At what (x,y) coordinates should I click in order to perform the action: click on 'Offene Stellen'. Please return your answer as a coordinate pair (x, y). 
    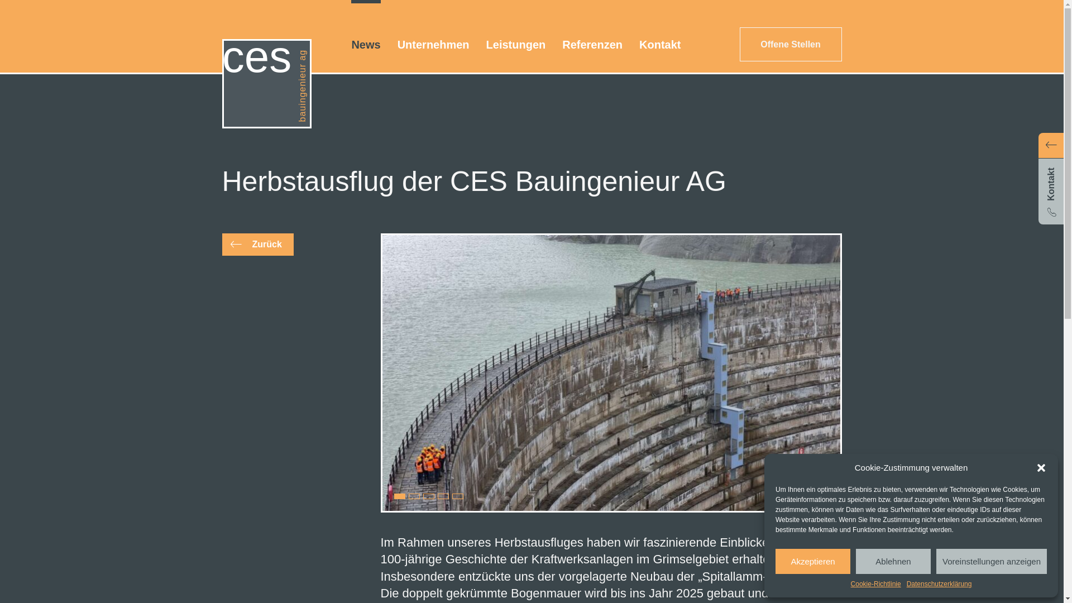
    Looking at the image, I should click on (789, 44).